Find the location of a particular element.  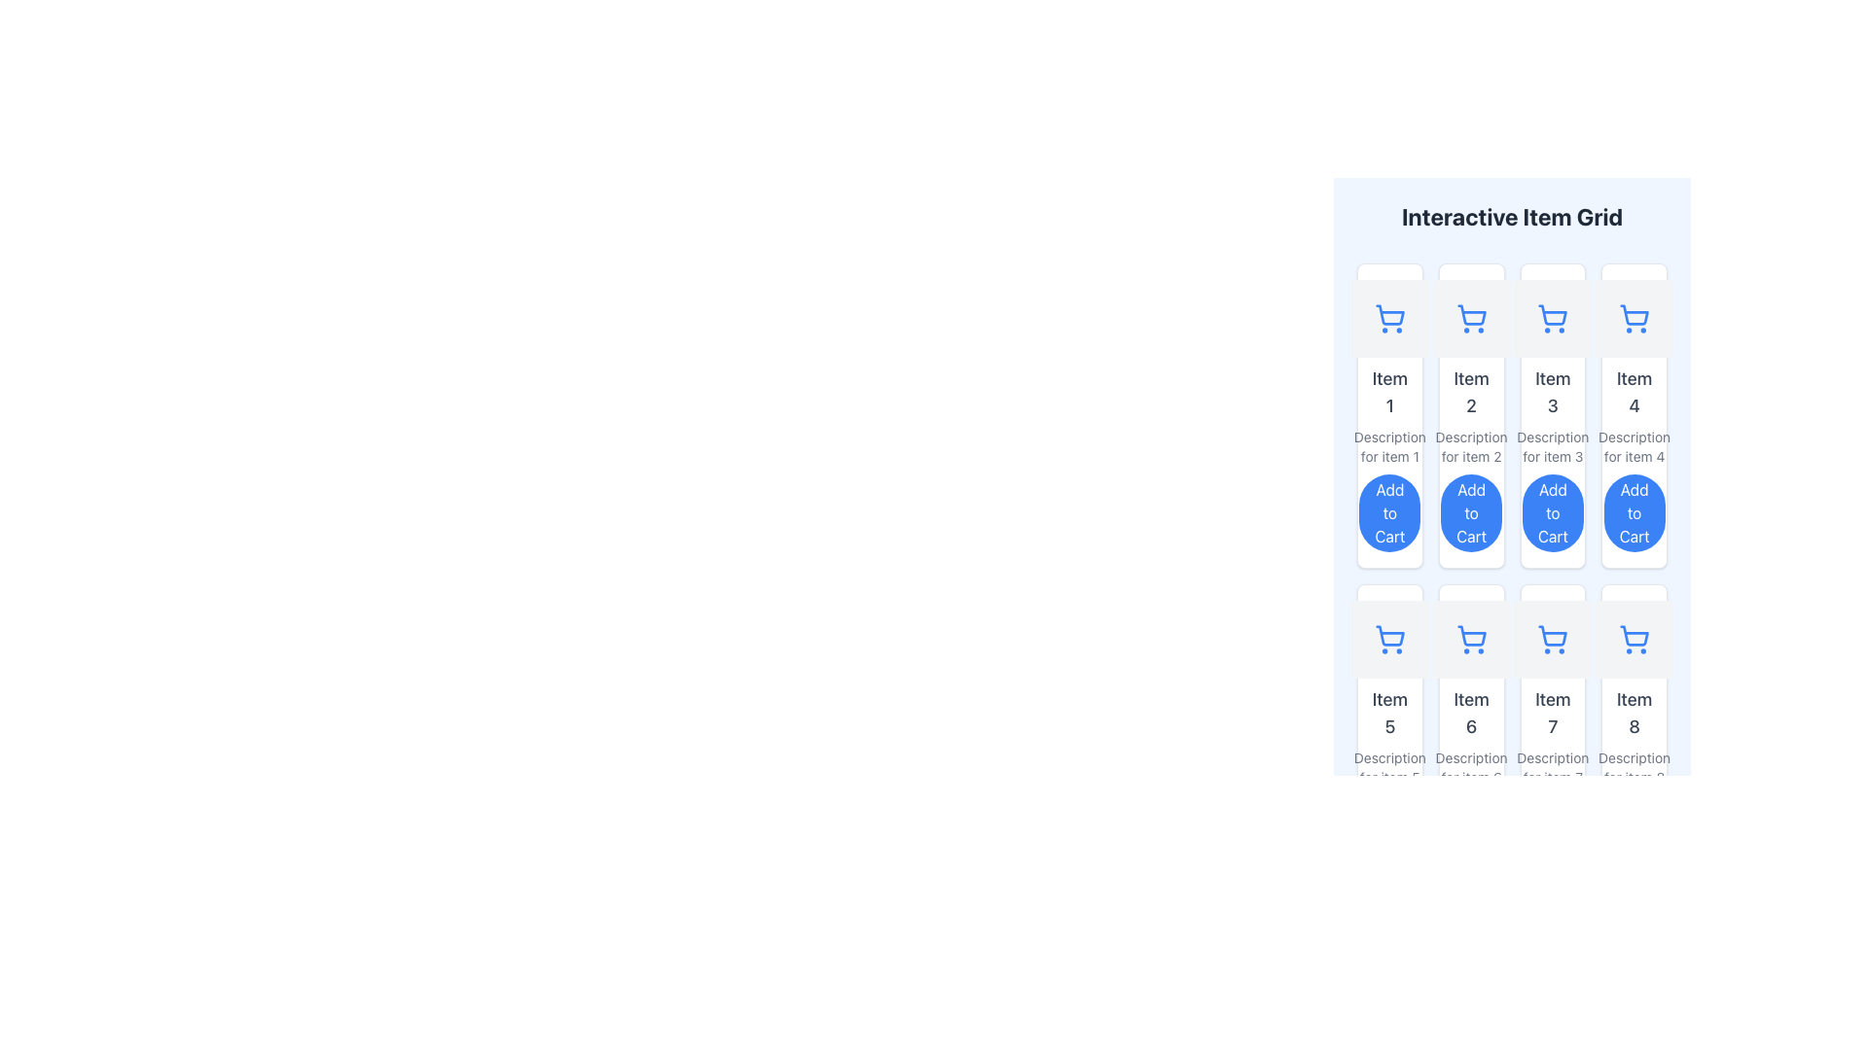

the 'Add to Cart' button, which is a blue rounded rectangular button displaying white text, to trigger a visual effect is located at coordinates (1634, 512).